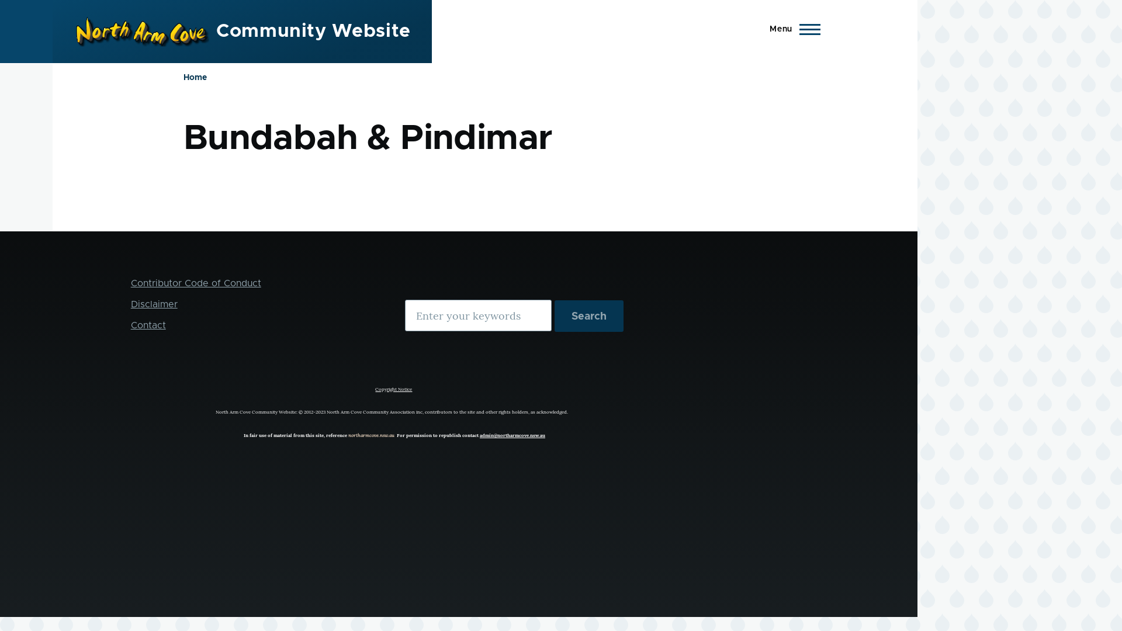  What do you see at coordinates (131, 325) in the screenshot?
I see `'Contact'` at bounding box center [131, 325].